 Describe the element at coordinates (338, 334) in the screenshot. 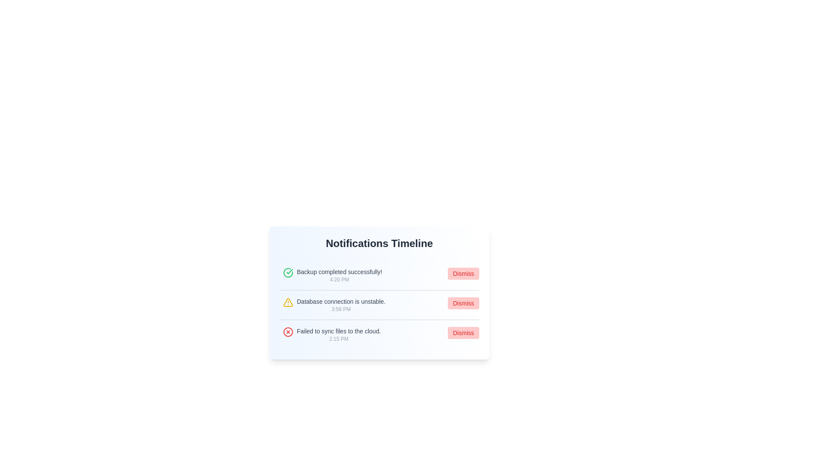

I see `textual notification stating 'Failed to sync files to the cloud.' located in the 'Notifications Timeline' panel, which is the third notification in the list` at that location.